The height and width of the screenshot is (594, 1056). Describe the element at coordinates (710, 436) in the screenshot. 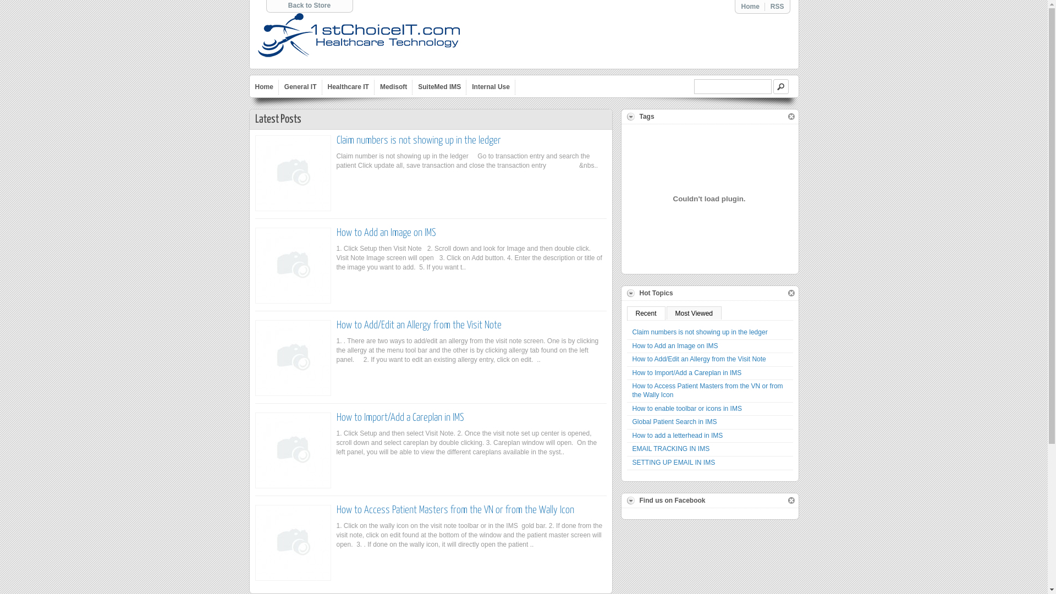

I see `'How to add a letterhead in IMS'` at that location.